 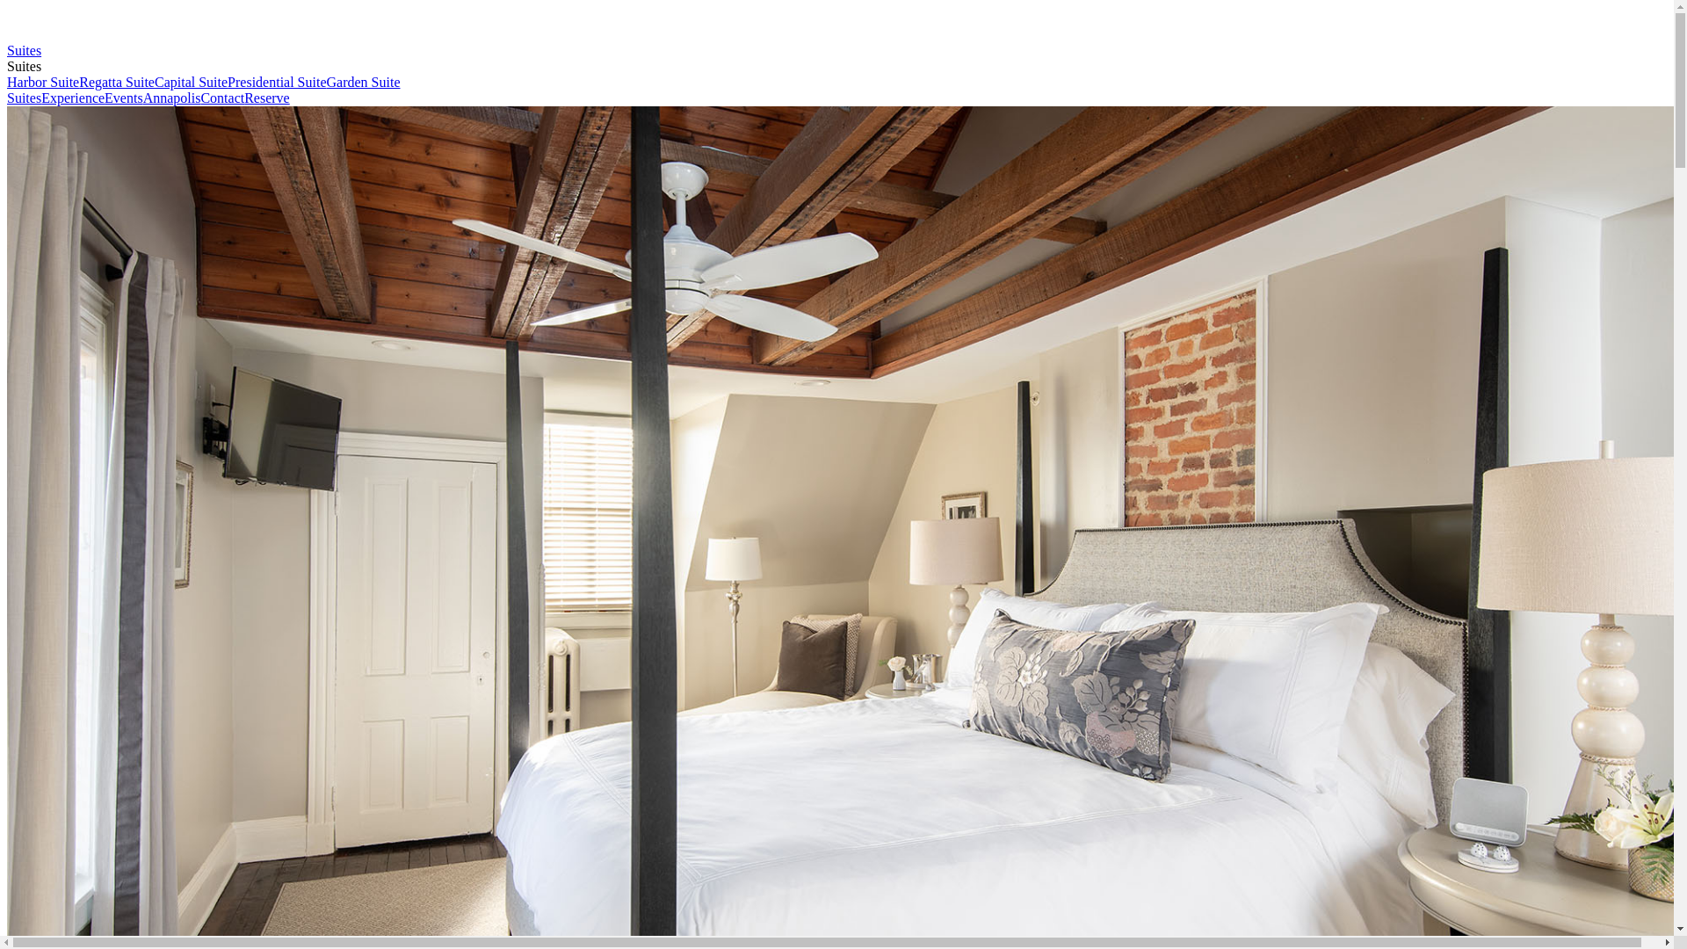 I want to click on 'Suites', so click(x=7, y=49).